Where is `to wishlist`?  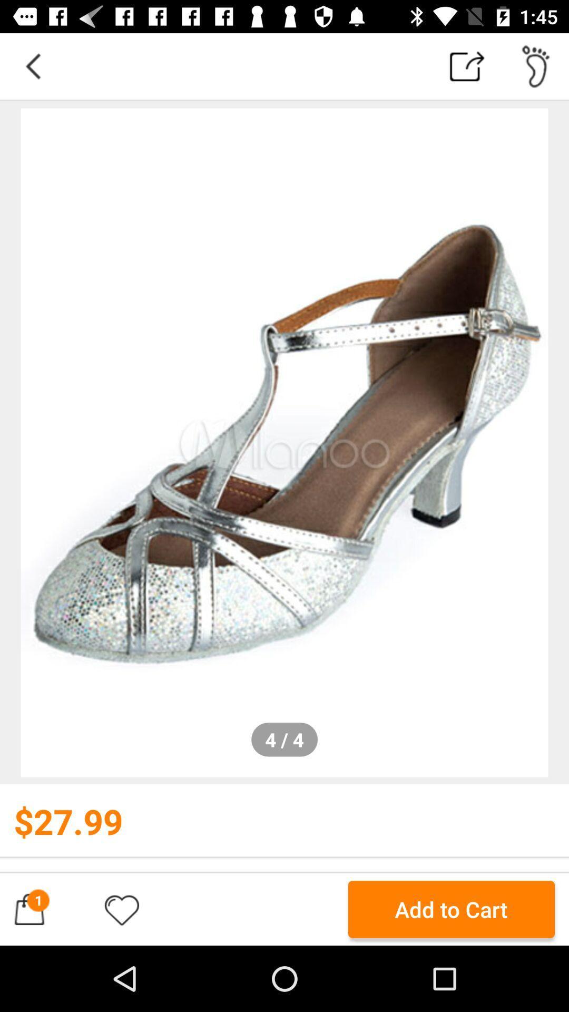 to wishlist is located at coordinates (121, 909).